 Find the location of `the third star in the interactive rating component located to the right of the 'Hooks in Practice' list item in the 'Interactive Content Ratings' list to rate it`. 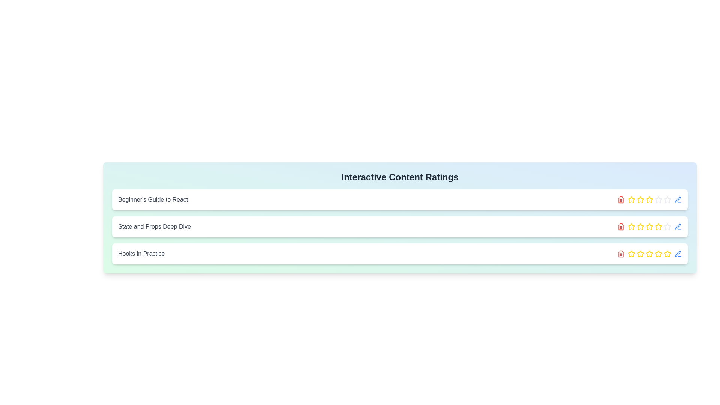

the third star in the interactive rating component located to the right of the 'Hooks in Practice' list item in the 'Interactive Content Ratings' list to rate it is located at coordinates (649, 253).